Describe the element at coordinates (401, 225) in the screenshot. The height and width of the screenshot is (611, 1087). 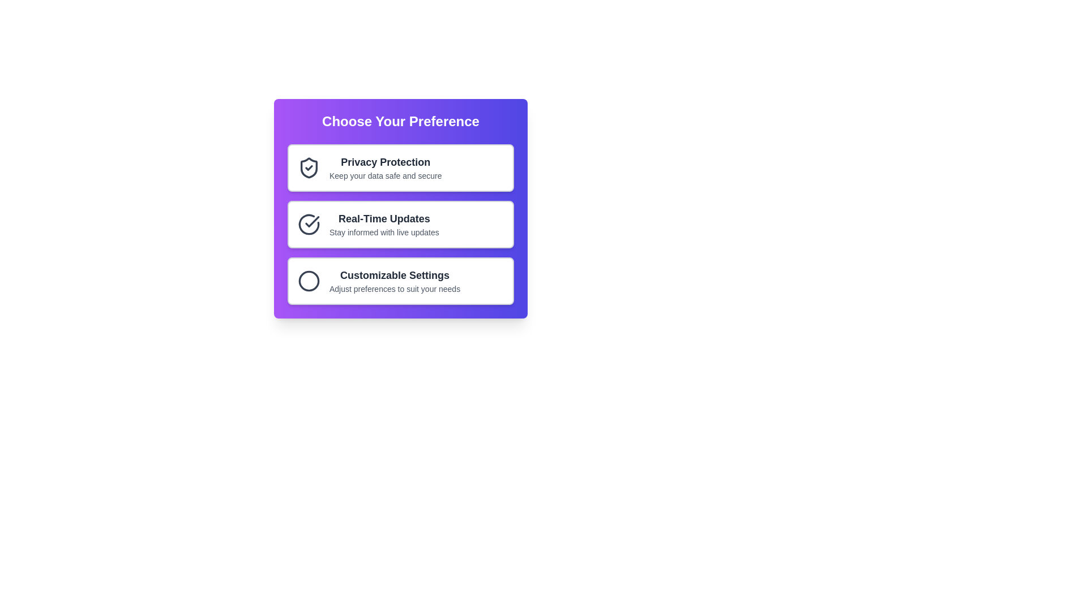
I see `the second option button in the preference menu titled 'Choose Your Preference'` at that location.